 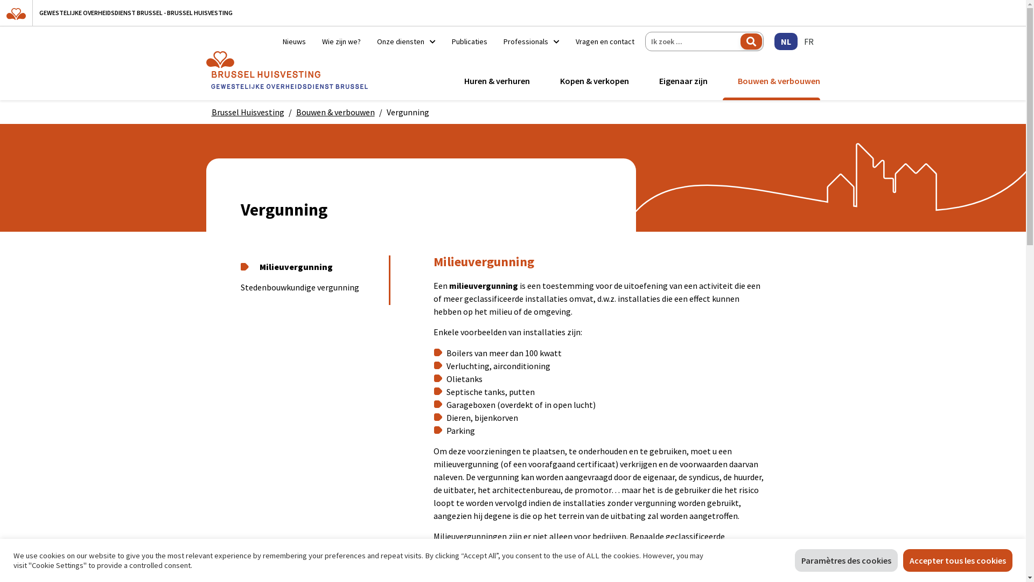 I want to click on 'Nieuws', so click(x=294, y=41).